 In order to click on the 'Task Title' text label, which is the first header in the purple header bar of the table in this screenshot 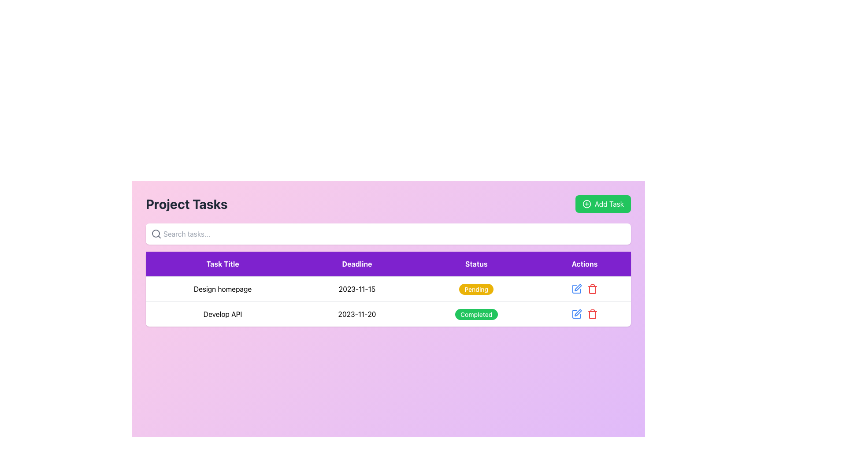, I will do `click(223, 264)`.